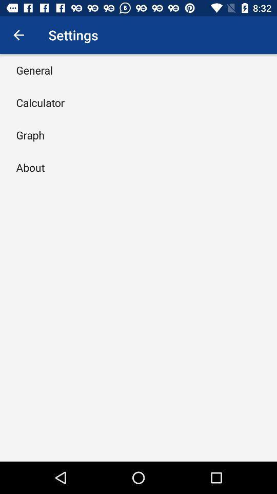 This screenshot has height=494, width=277. Describe the element at coordinates (18, 35) in the screenshot. I see `item above the general item` at that location.